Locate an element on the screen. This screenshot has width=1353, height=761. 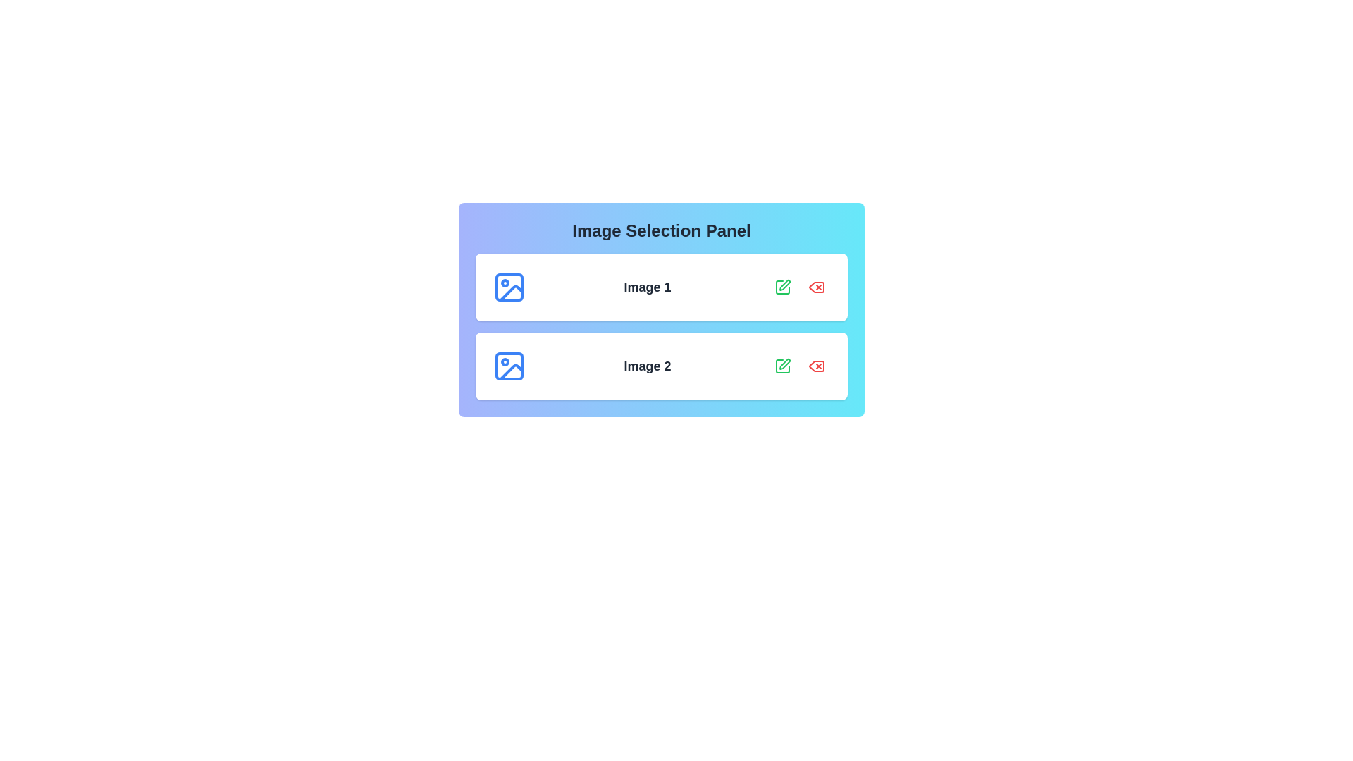
the edit button associated with 'Image 2' to initiate editing is located at coordinates (781, 366).